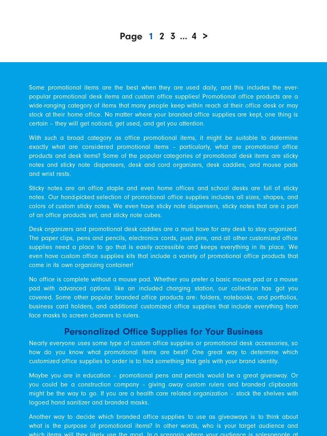  What do you see at coordinates (163, 105) in the screenshot?
I see `'Some promotional items are the best when they are used daily, and this includes the ever-popular promotional desk items and custom office supplies! Promotional office products are a wide-ranging category of items that many people keep within reach at their office desk or may stock at their home office. No matter where your branded office supplies are kept, one thing is certain – they will get noticed, get used, and get you attention.'` at bounding box center [163, 105].